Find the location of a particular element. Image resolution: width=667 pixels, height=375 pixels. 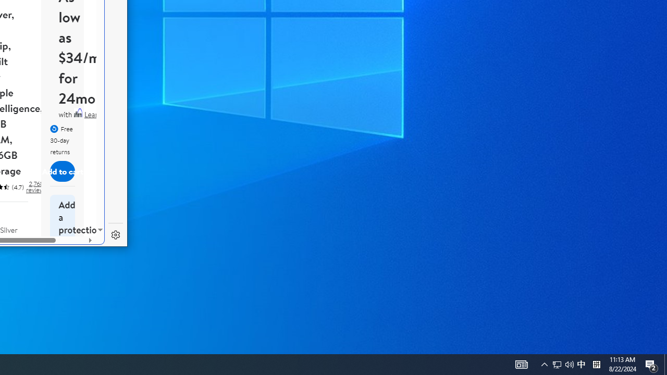

'Tray Input Indicator - Chinese (Simplified, China)' is located at coordinates (596, 364).